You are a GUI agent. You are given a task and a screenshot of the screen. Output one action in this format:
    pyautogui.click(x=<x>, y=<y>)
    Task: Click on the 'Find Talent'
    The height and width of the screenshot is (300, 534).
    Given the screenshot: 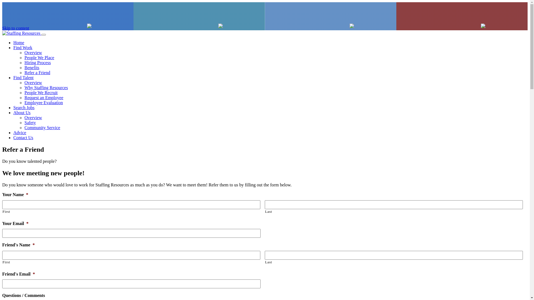 What is the action you would take?
    pyautogui.click(x=23, y=77)
    